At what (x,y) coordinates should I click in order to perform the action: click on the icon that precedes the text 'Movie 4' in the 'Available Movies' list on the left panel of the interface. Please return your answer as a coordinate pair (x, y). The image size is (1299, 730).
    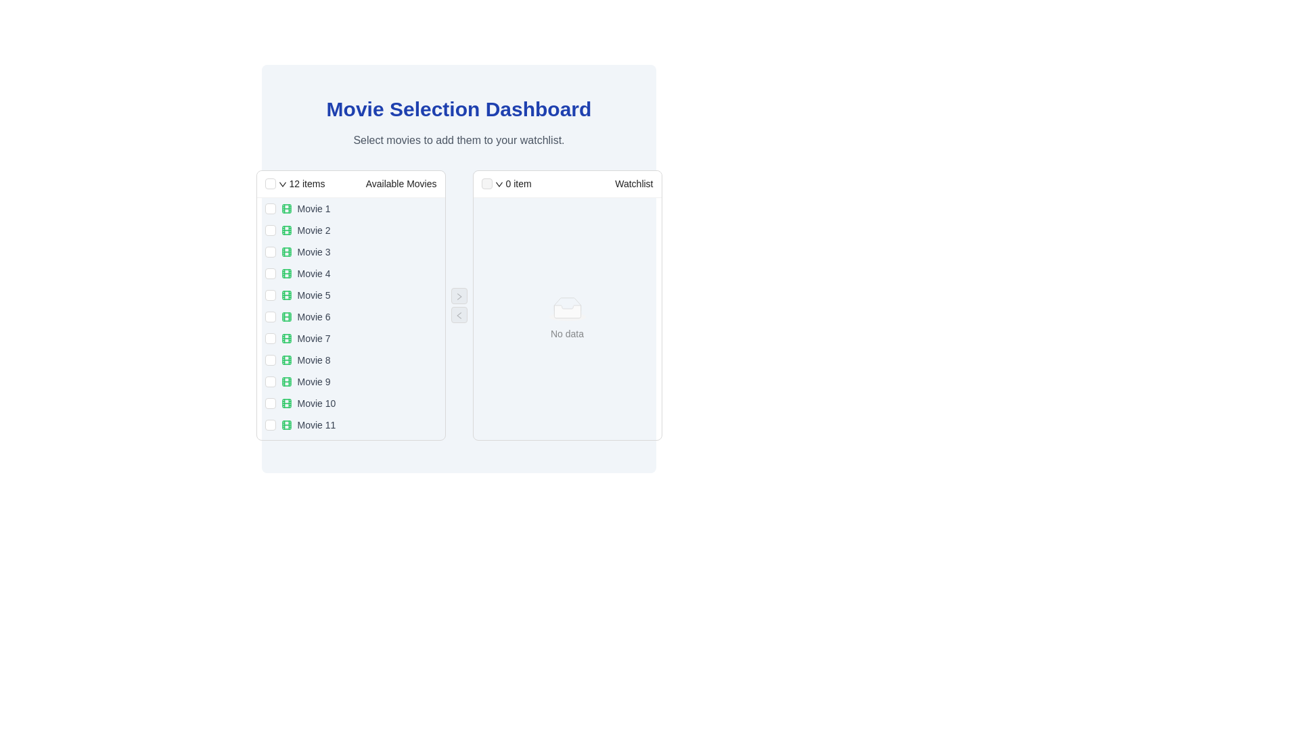
    Looking at the image, I should click on (286, 274).